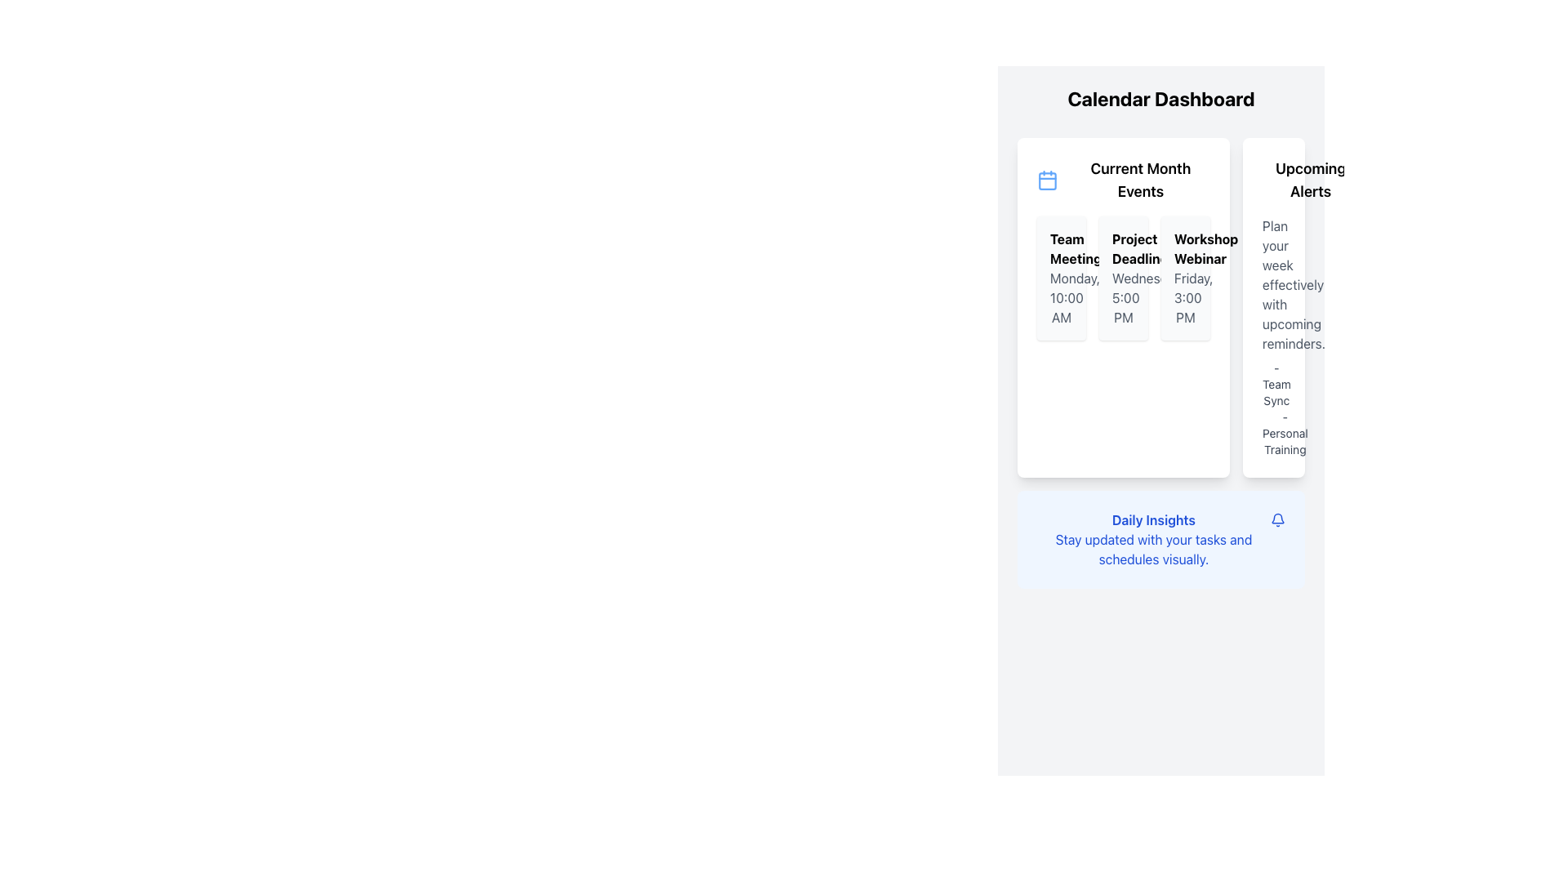 The height and width of the screenshot is (882, 1568). What do you see at coordinates (1152, 539) in the screenshot?
I see `the static text block displaying 'Daily Insights' and its descriptive text 'Stay updated with your tasks and schedules visually.' which is centered within a light-colored background in the bottom section of a blue-themed card` at bounding box center [1152, 539].